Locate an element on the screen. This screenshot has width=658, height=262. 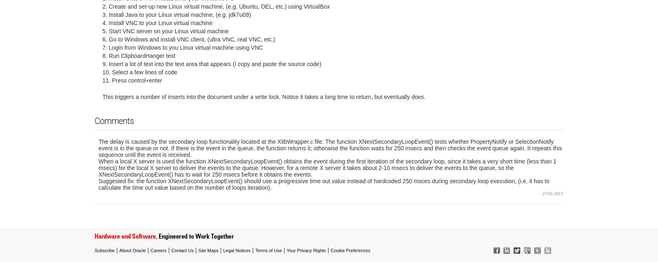
'Contact Us' is located at coordinates (182, 249).